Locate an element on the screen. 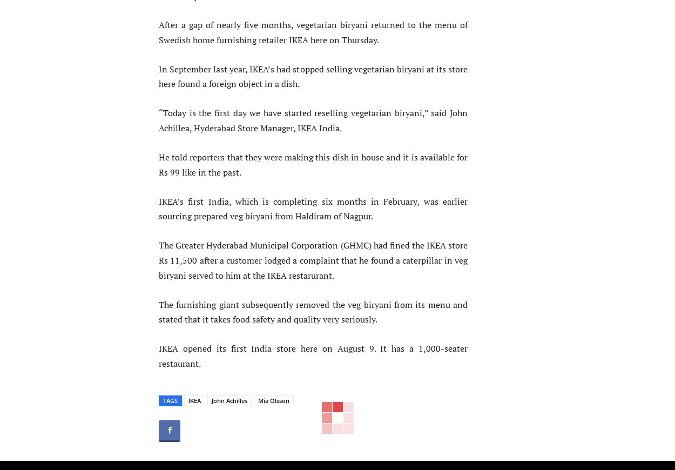 This screenshot has width=675, height=470. 'IKEA opened its first India store here on August 9. It has a 1,000-seater restaurant.' is located at coordinates (313, 356).